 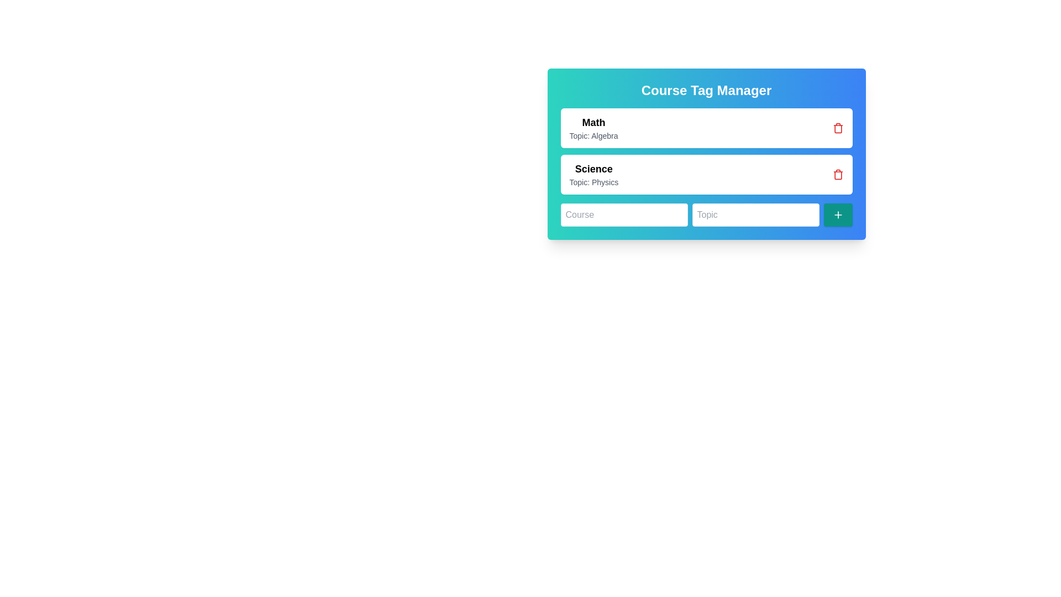 What do you see at coordinates (593, 123) in the screenshot?
I see `the text label displaying the course category 'Math' located at the top-left inside the 'Course Tag Manager' card, directly above the text 'Topic: Algebra'` at bounding box center [593, 123].